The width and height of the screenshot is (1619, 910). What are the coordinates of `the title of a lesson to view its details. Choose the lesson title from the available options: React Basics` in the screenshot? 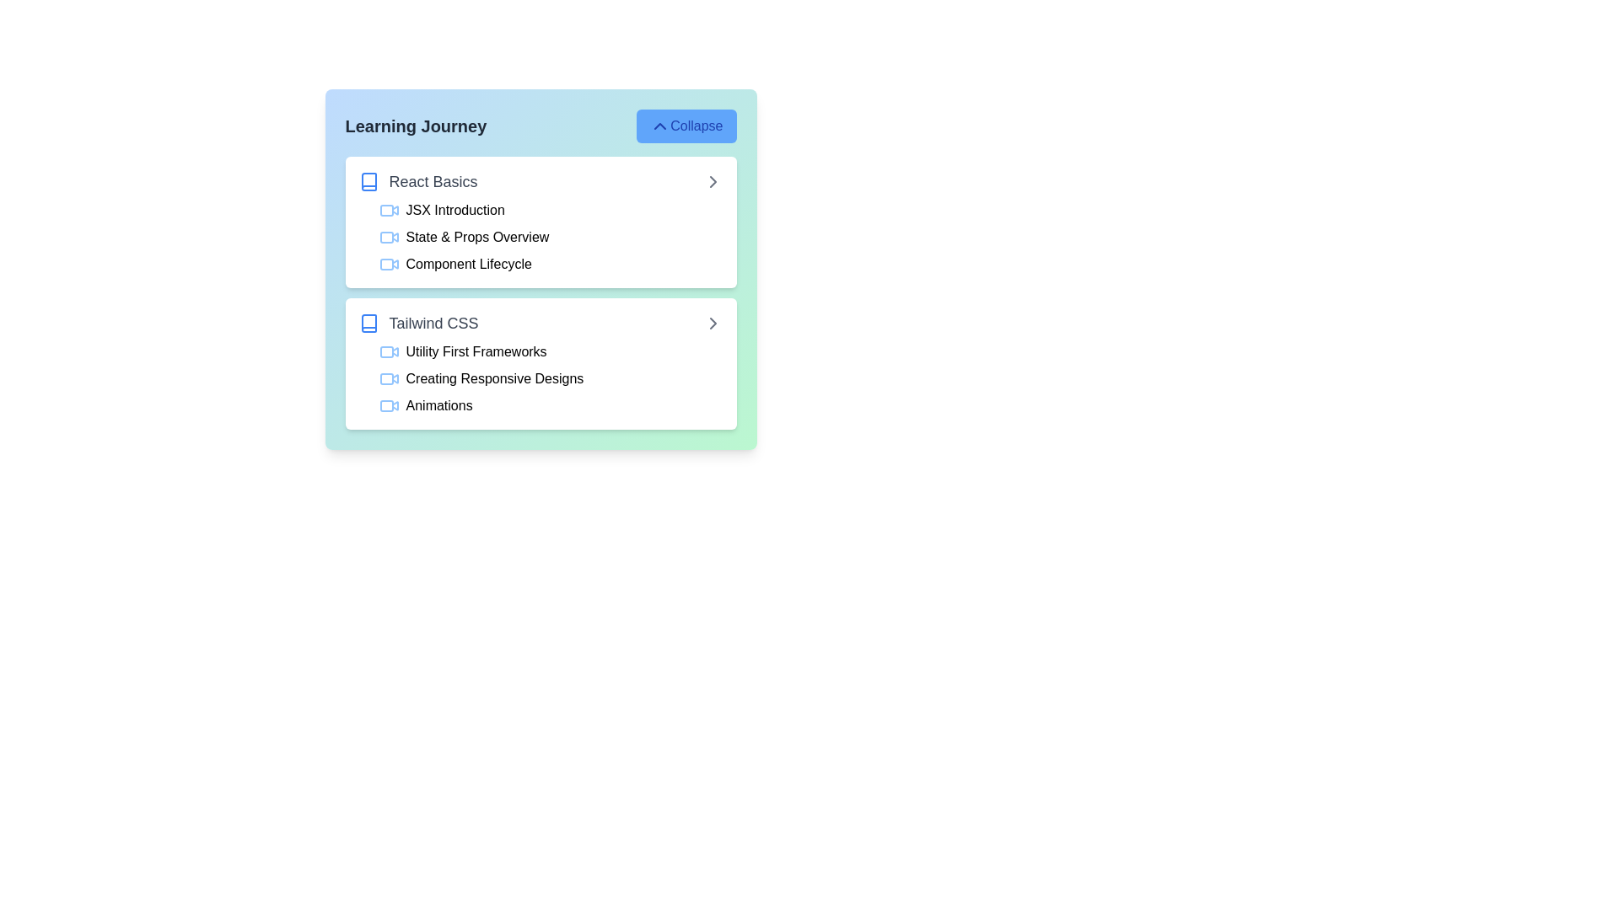 It's located at (417, 182).